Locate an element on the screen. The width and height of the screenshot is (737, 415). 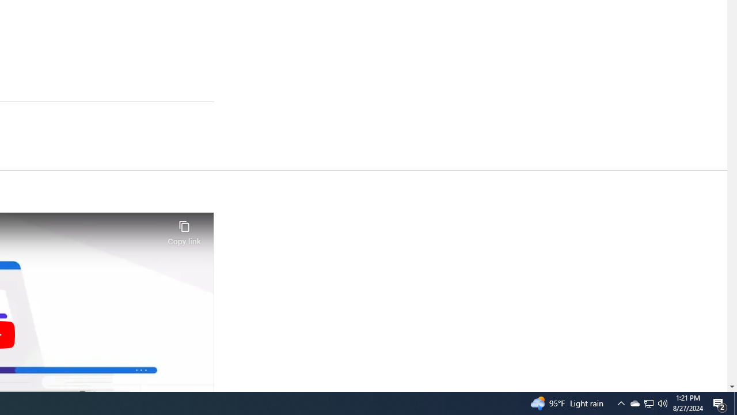
'Copy link' is located at coordinates (184, 229).